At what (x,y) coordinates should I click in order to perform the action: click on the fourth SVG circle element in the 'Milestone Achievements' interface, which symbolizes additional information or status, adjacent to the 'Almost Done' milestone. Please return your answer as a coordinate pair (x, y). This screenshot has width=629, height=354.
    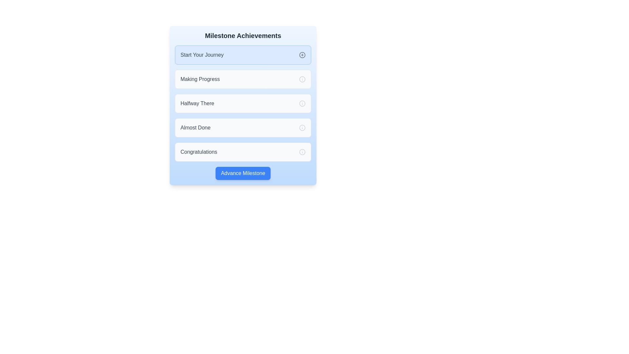
    Looking at the image, I should click on (302, 152).